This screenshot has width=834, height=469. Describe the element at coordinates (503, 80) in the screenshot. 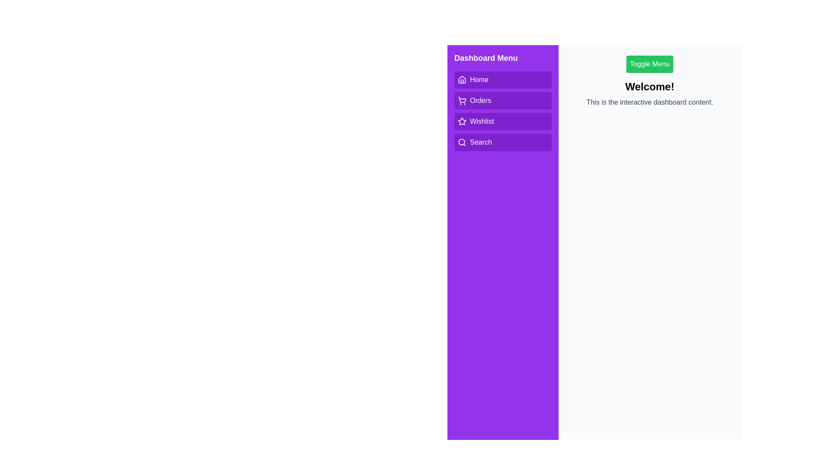

I see `the menu option Home` at that location.